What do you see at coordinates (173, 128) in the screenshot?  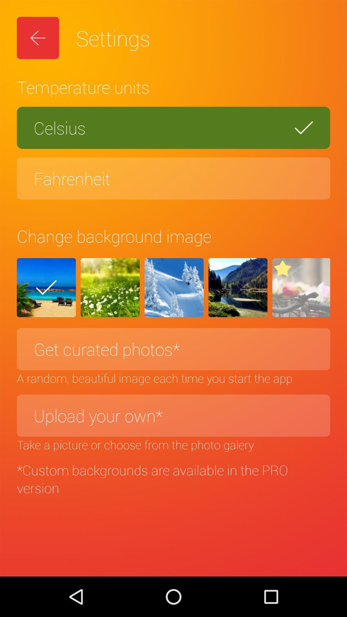 I see `icon below temperature units icon` at bounding box center [173, 128].